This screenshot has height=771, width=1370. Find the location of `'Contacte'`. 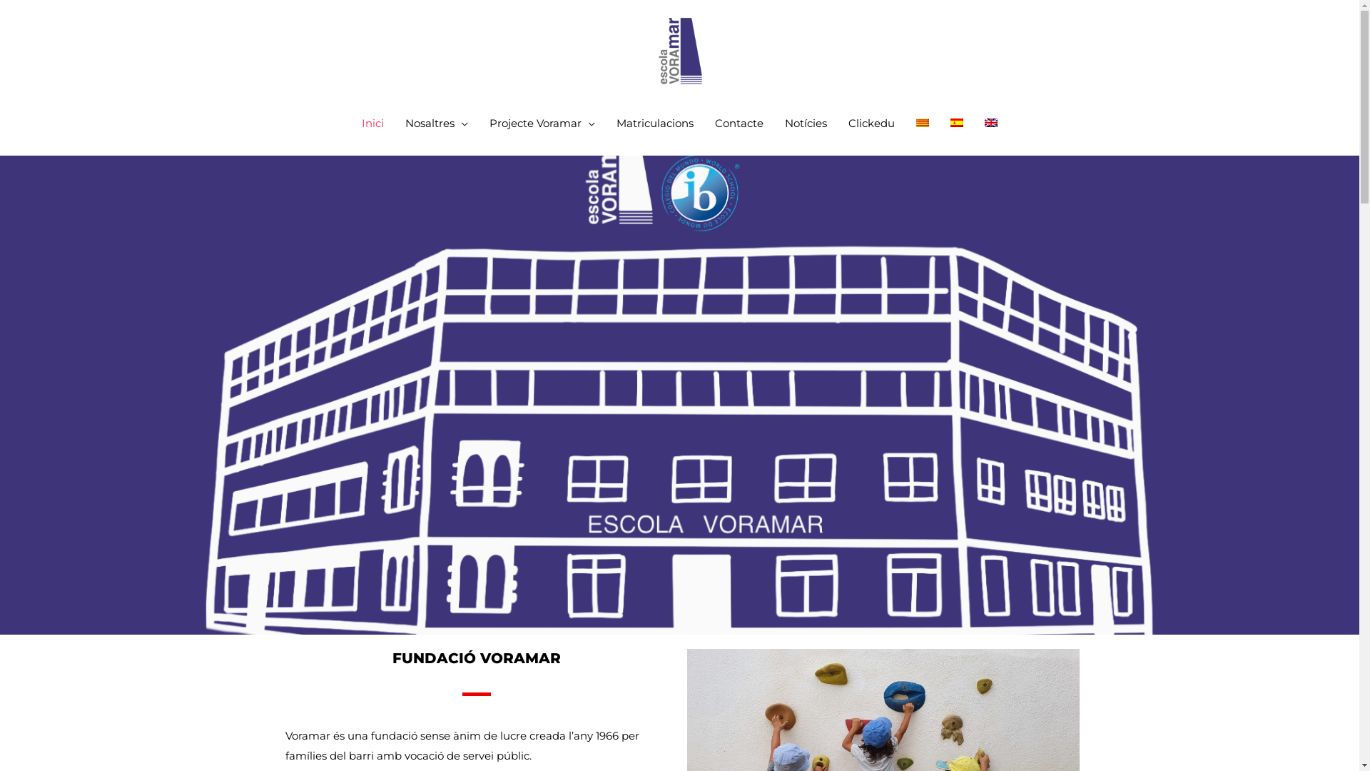

'Contacte' is located at coordinates (739, 123).